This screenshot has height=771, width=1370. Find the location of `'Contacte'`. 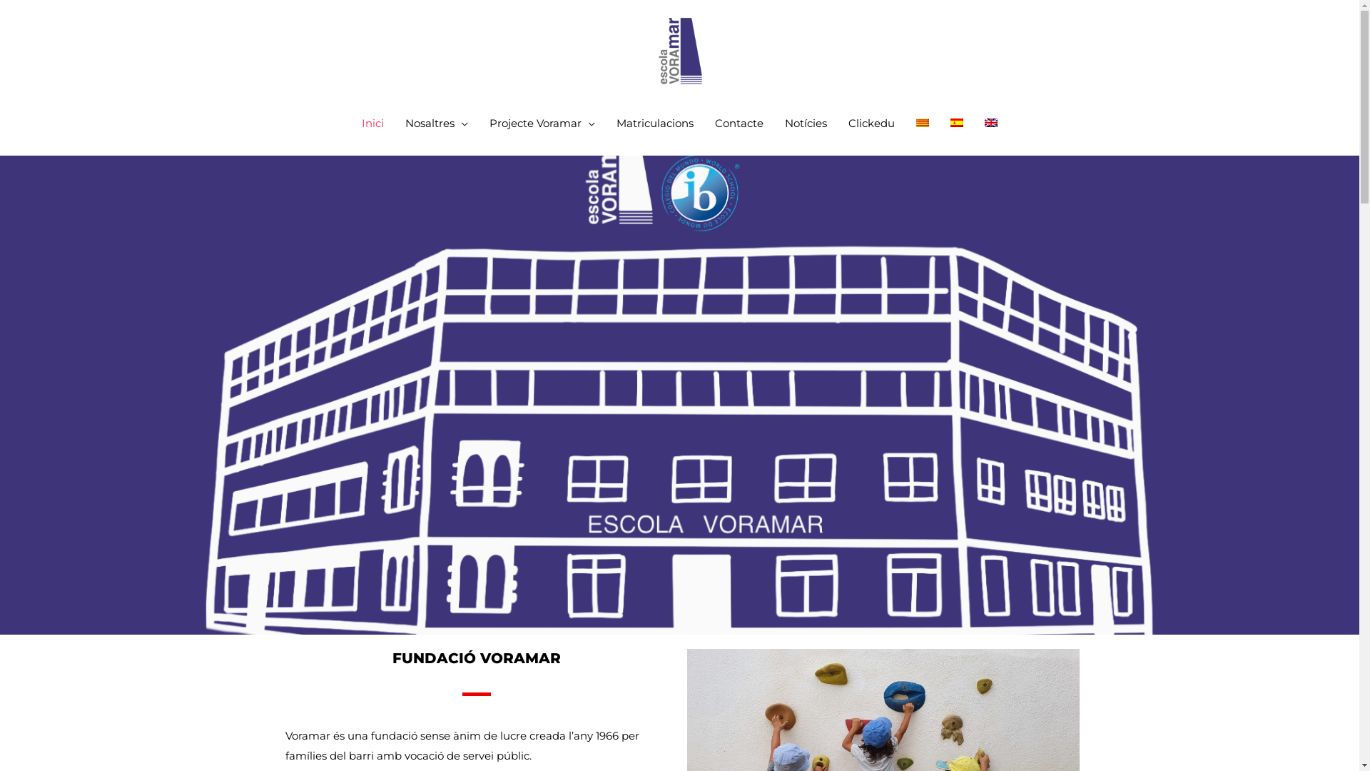

'Contacte' is located at coordinates (739, 123).